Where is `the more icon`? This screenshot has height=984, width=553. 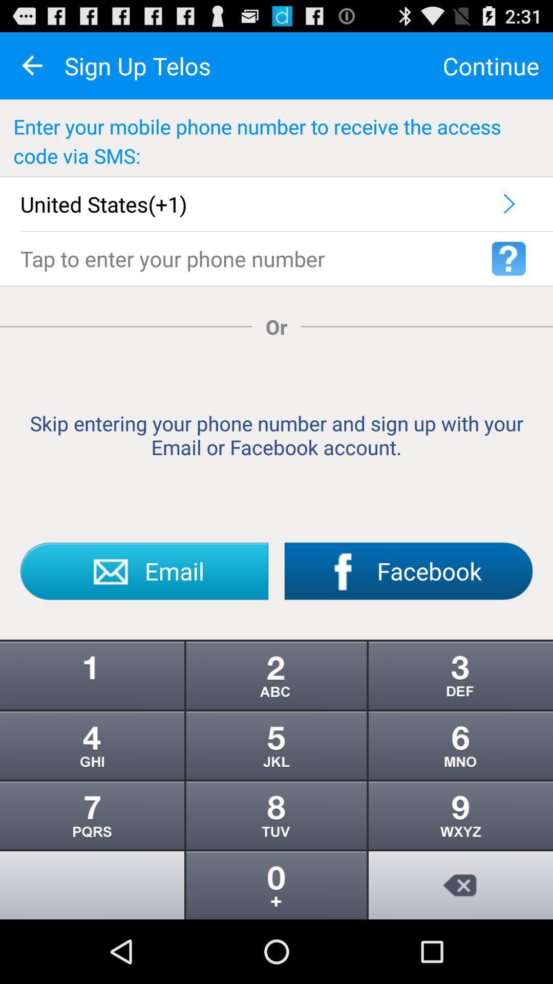 the more icon is located at coordinates (276, 872).